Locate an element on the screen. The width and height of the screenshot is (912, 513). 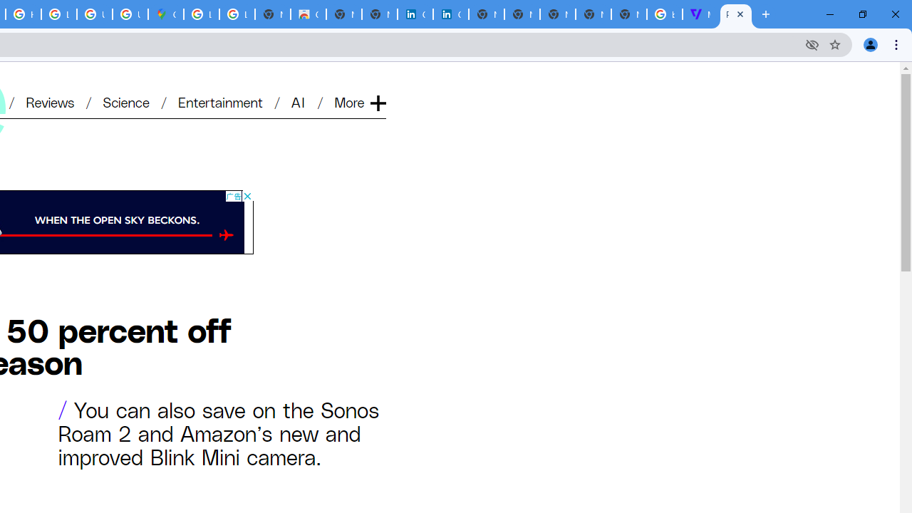
'Menu Expand' is located at coordinates (361, 79).